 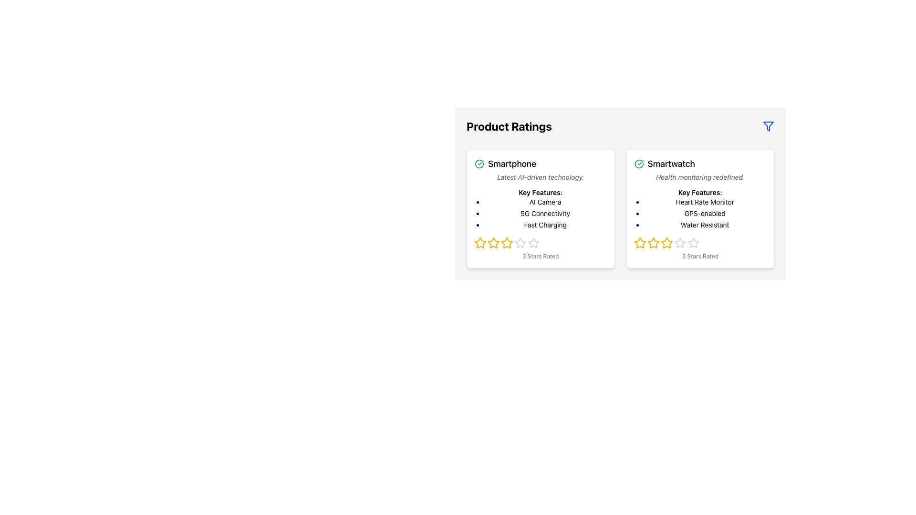 What do you see at coordinates (705, 213) in the screenshot?
I see `text item stating 'GPS-enabled' in the second bullet point of the Smartwatch feature description card located in the right column` at bounding box center [705, 213].